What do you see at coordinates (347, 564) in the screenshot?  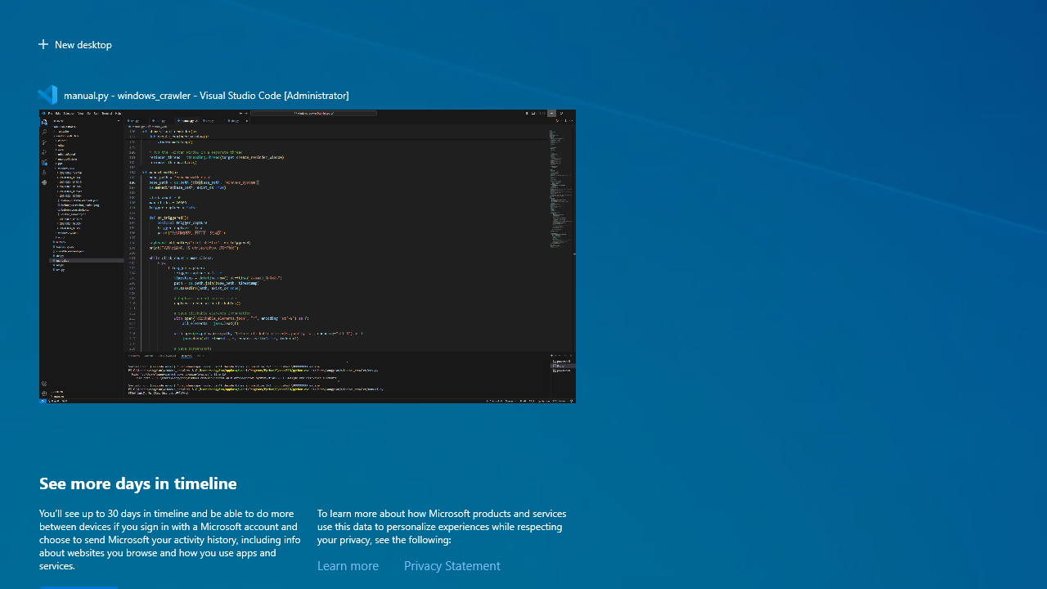 I see `'Learn more'` at bounding box center [347, 564].